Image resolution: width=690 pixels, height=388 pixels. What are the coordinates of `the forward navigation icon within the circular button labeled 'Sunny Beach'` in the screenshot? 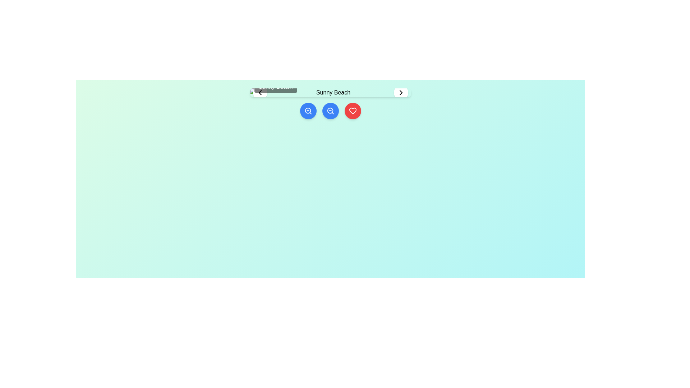 It's located at (400, 92).